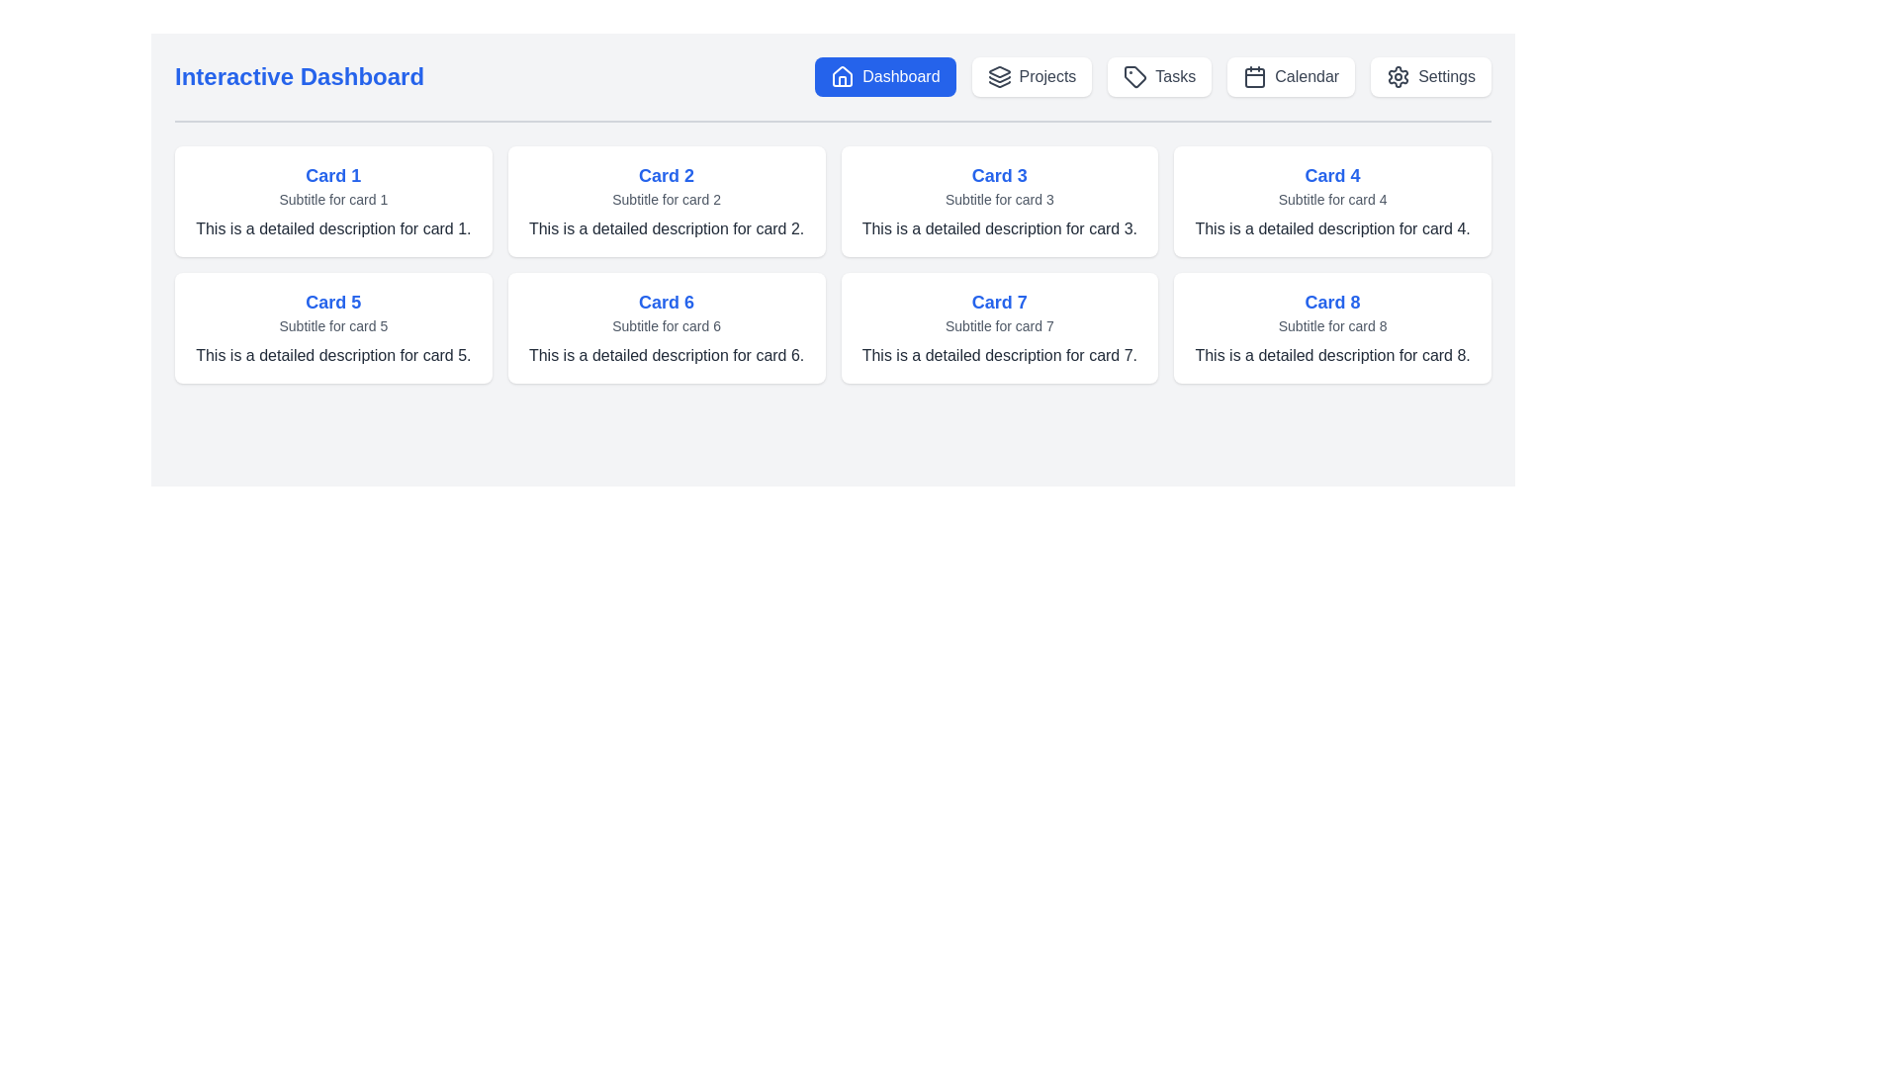  What do you see at coordinates (667, 325) in the screenshot?
I see `the text label reading 'Subtitle for card 6', which is positioned directly beneath the 'Card 6' title within the card layout` at bounding box center [667, 325].